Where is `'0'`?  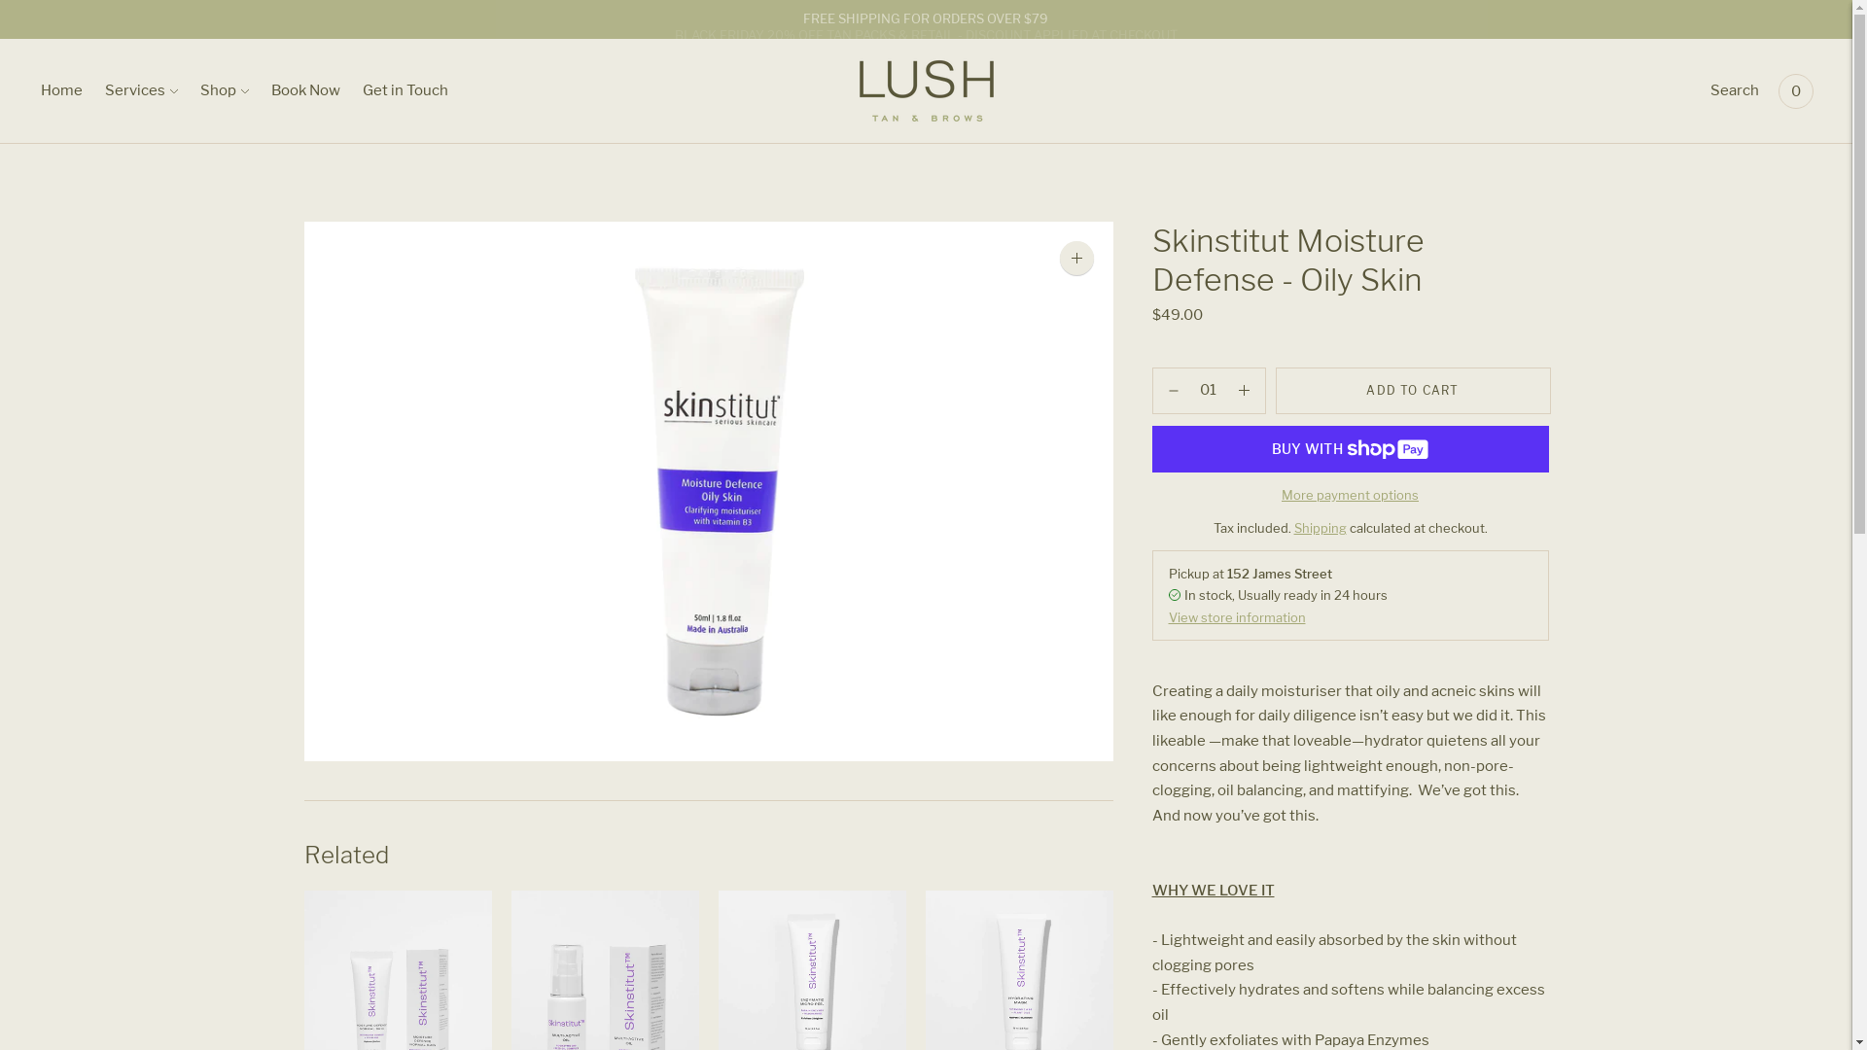
'0' is located at coordinates (1795, 90).